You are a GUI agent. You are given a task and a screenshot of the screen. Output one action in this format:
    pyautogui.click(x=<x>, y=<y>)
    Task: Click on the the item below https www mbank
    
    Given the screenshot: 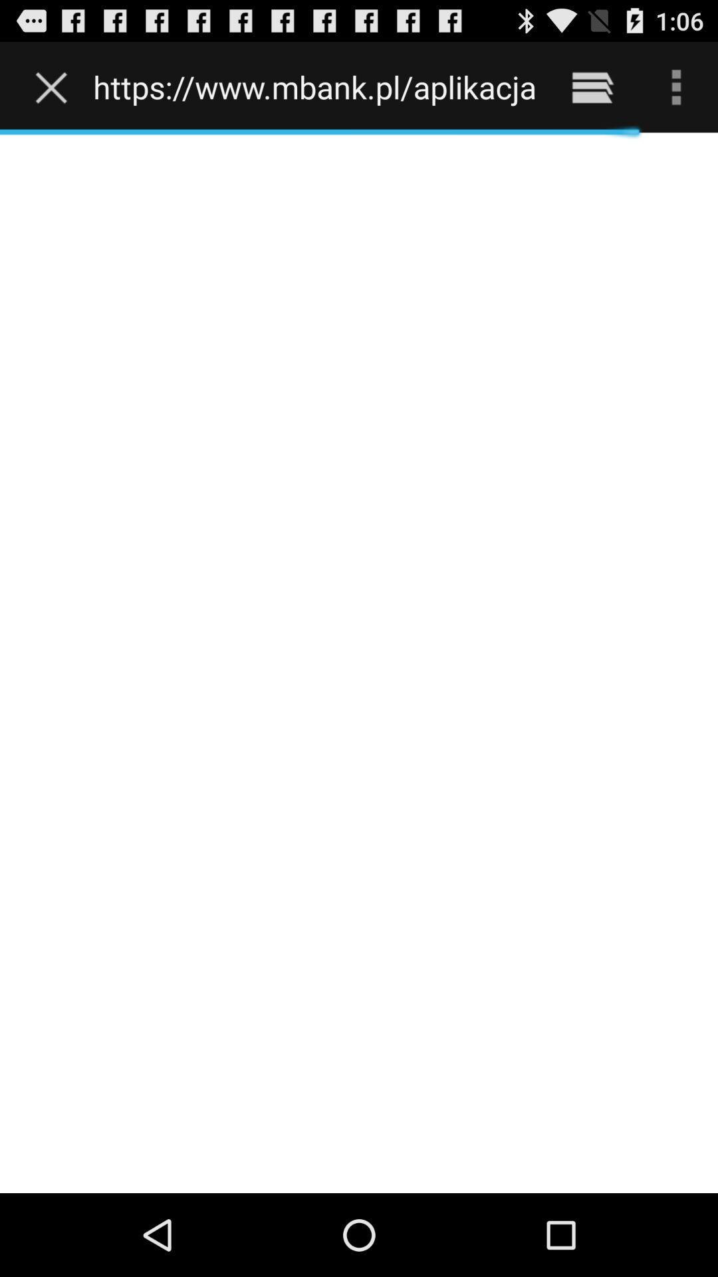 What is the action you would take?
    pyautogui.click(x=359, y=662)
    